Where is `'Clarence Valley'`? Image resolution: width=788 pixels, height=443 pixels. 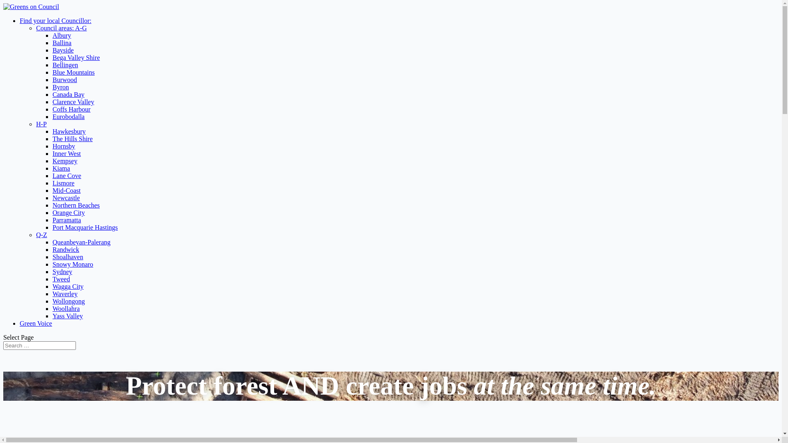
'Clarence Valley' is located at coordinates (73, 101).